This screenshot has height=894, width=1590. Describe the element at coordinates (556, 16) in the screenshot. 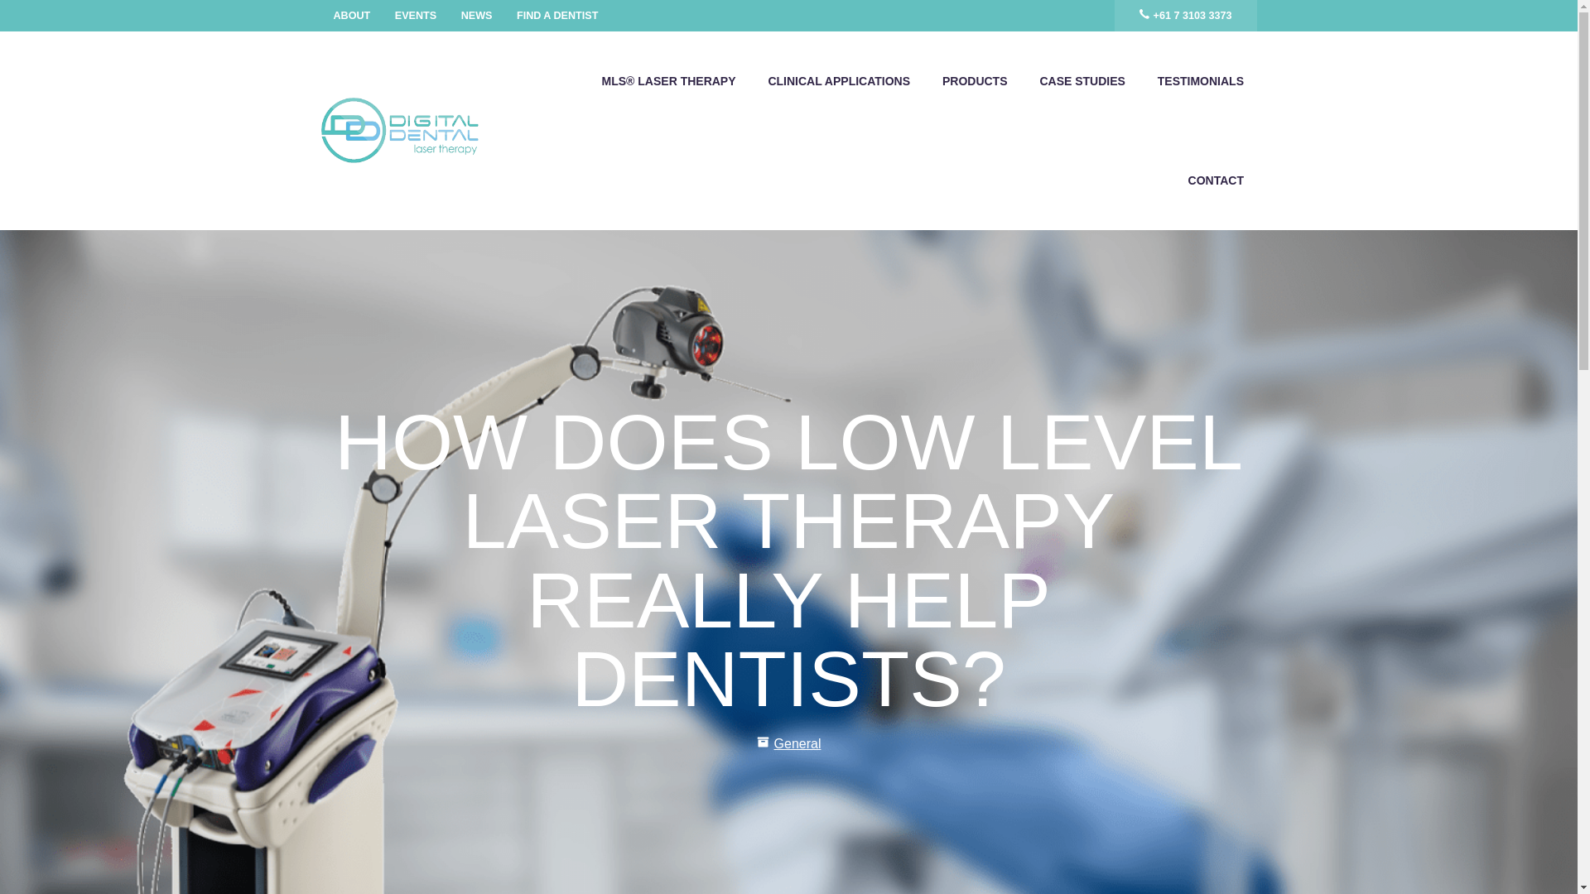

I see `'FIND A DENTIST'` at that location.